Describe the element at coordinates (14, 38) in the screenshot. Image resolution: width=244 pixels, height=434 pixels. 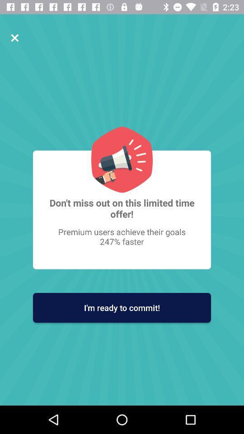
I see `the item at the top left corner` at that location.